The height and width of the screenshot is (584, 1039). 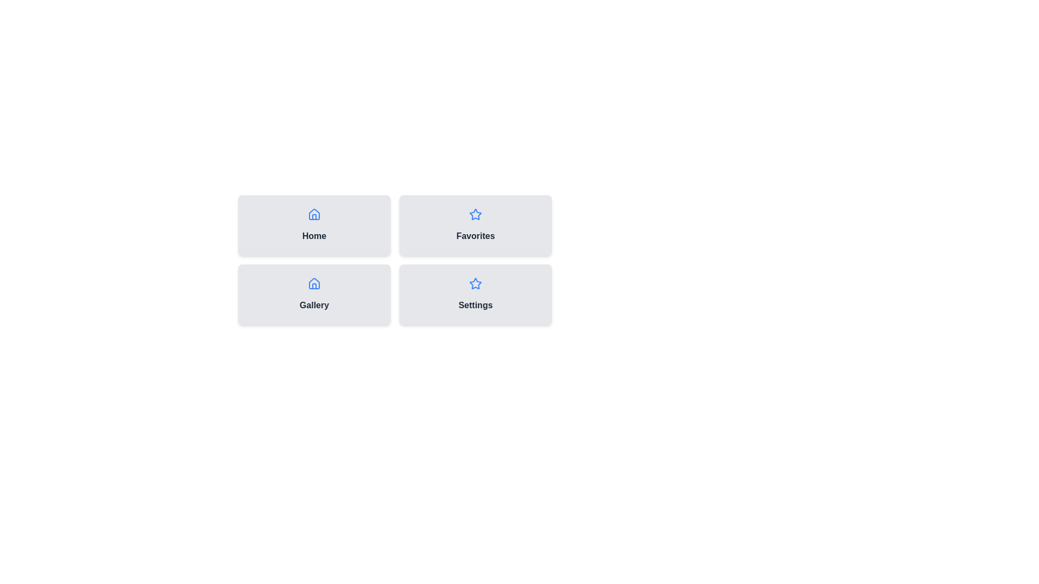 What do you see at coordinates (475, 283) in the screenshot?
I see `the star icon located in the top section of the 'Settings' card, positioned in the bottom right of the grid layout, directly above the text labeled 'Settings'` at bounding box center [475, 283].